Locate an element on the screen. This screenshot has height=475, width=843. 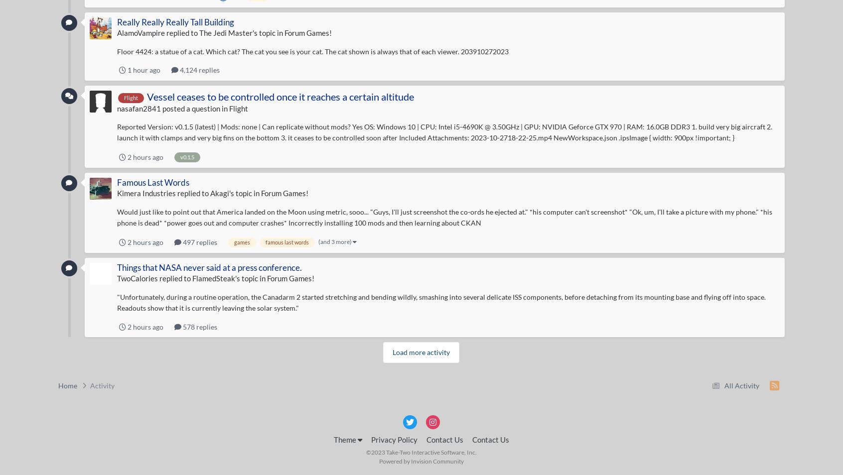
'posted a question in' is located at coordinates (194, 108).